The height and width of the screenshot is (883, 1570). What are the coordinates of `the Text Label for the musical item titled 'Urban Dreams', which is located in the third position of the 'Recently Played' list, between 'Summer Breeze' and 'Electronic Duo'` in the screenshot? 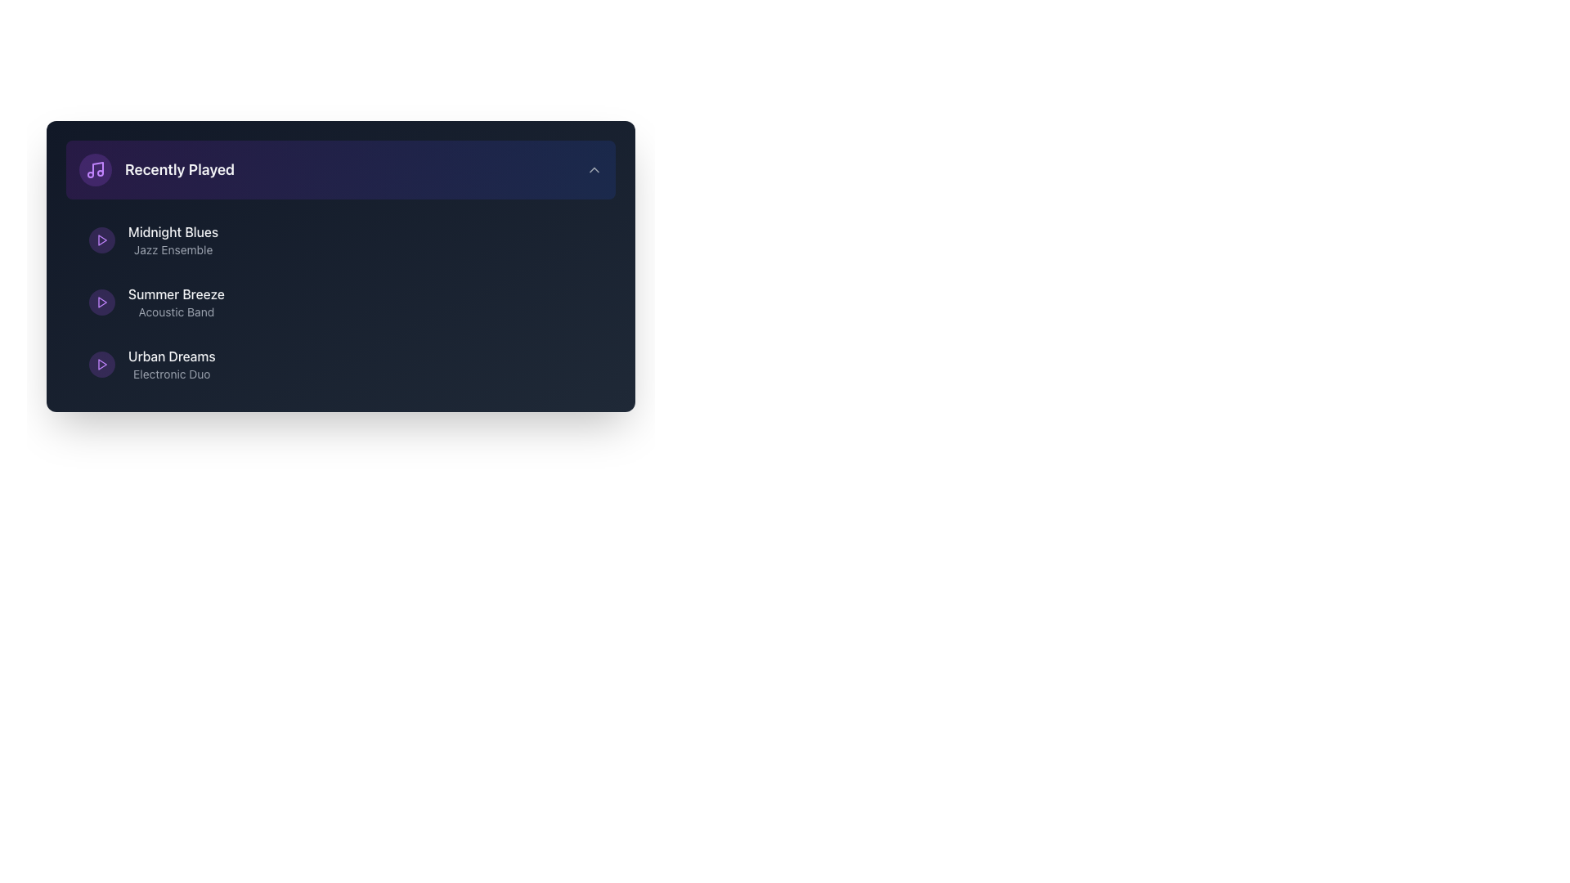 It's located at (172, 355).